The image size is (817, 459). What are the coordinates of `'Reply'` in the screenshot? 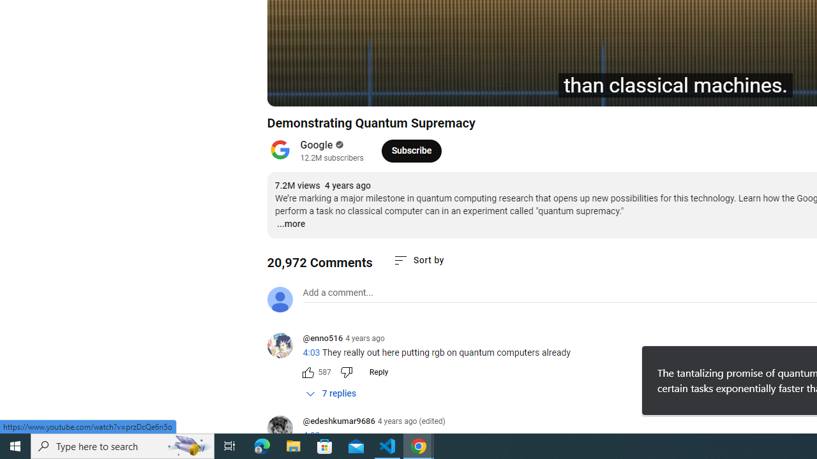 It's located at (378, 372).